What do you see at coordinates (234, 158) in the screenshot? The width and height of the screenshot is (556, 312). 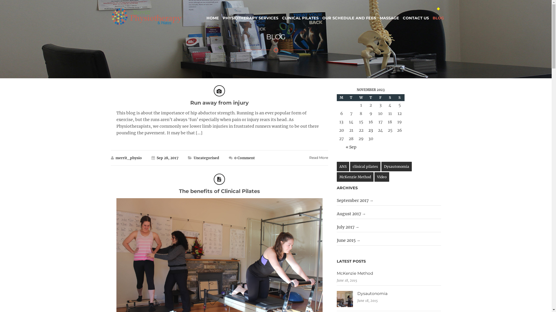 I see `'0 Comment'` at bounding box center [234, 158].